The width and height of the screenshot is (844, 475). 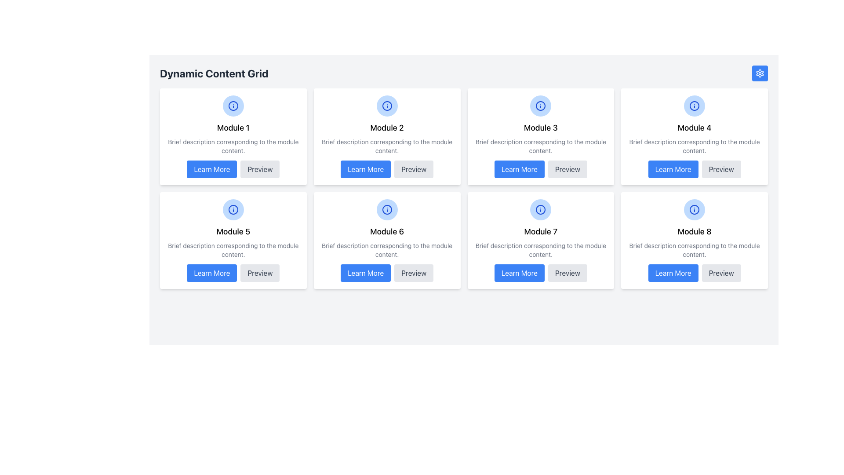 What do you see at coordinates (212, 273) in the screenshot?
I see `the 'Learn More' button with a rounded appearance and white text on a blue background` at bounding box center [212, 273].